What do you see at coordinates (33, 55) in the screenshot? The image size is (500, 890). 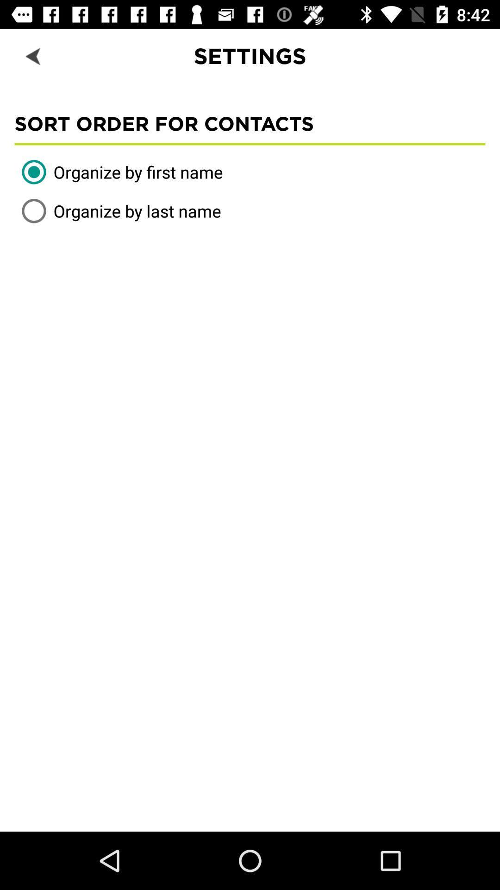 I see `the item to the left of settings` at bounding box center [33, 55].